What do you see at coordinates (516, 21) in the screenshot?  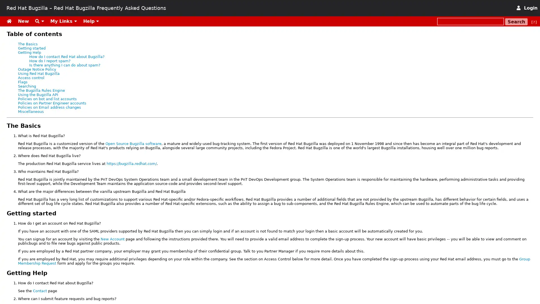 I see `Search` at bounding box center [516, 21].